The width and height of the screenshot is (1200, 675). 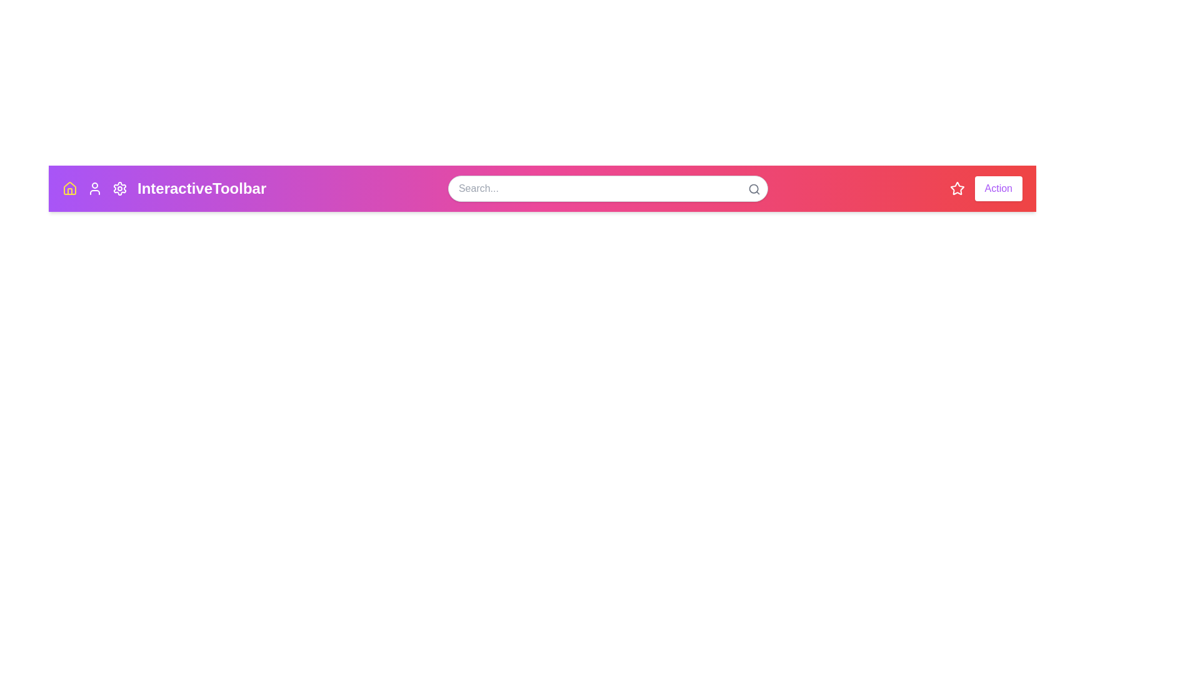 What do you see at coordinates (956, 188) in the screenshot?
I see `the star icon in the toolbar` at bounding box center [956, 188].